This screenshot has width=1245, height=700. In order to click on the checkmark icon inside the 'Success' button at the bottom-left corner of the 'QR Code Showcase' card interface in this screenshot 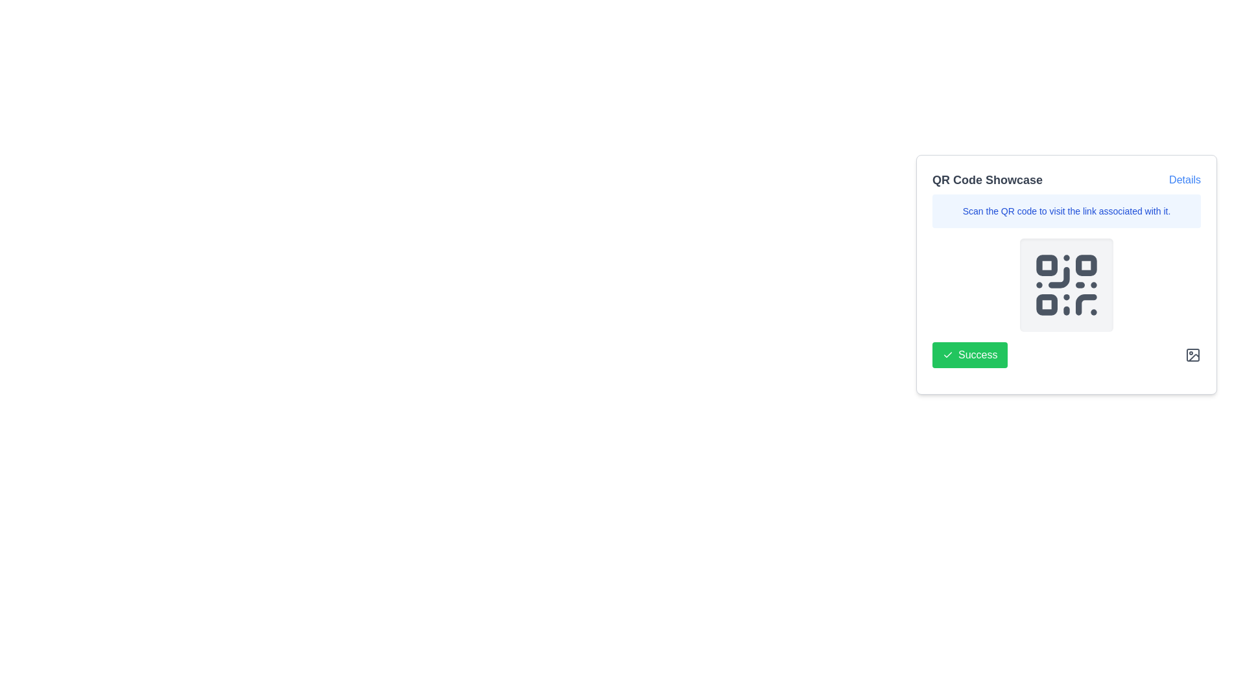, I will do `click(948, 355)`.